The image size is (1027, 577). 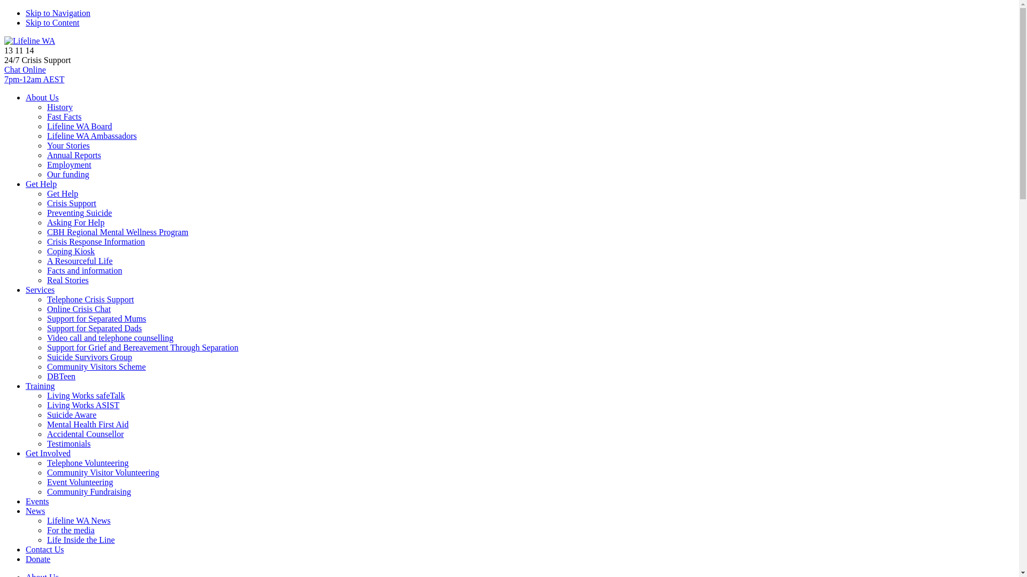 What do you see at coordinates (46, 492) in the screenshot?
I see `'Community Fundraising'` at bounding box center [46, 492].